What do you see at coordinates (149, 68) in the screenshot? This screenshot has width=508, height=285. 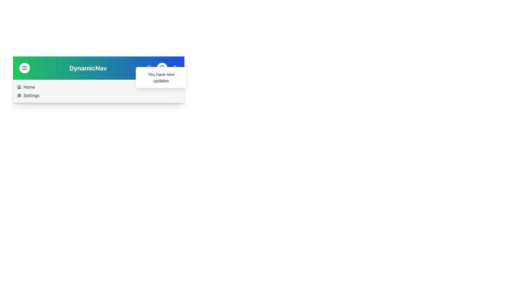 I see `the inner circle of the search icon in the top-right corner of the web interface, which is styled as an outlined circle with no fill` at bounding box center [149, 68].